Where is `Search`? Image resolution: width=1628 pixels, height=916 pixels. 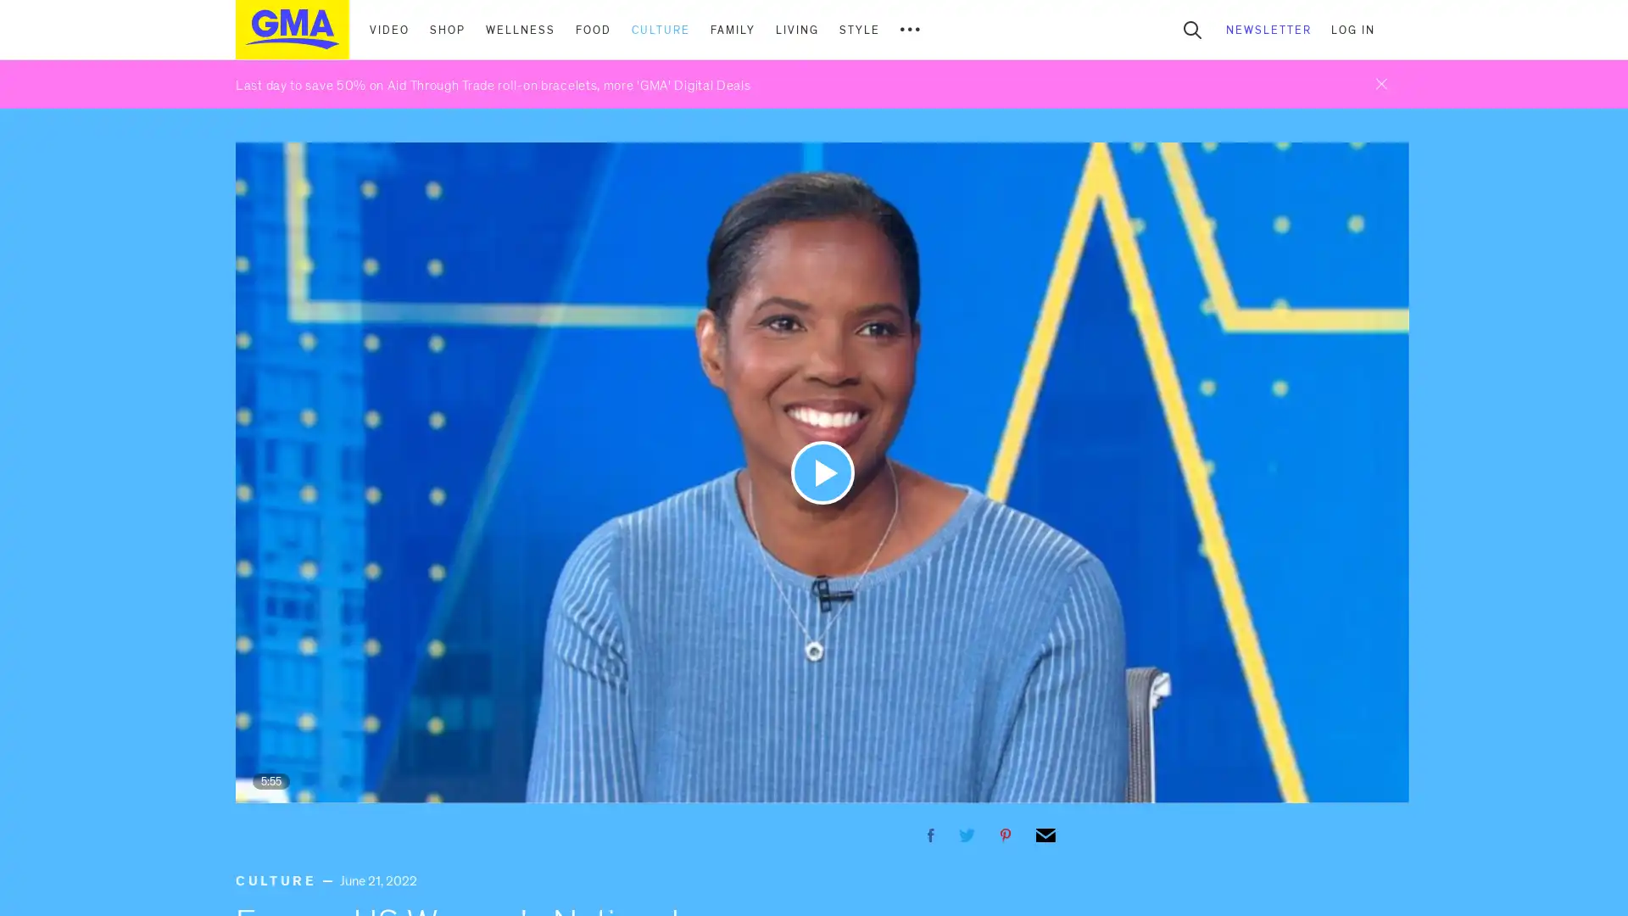
Search is located at coordinates (1191, 29).